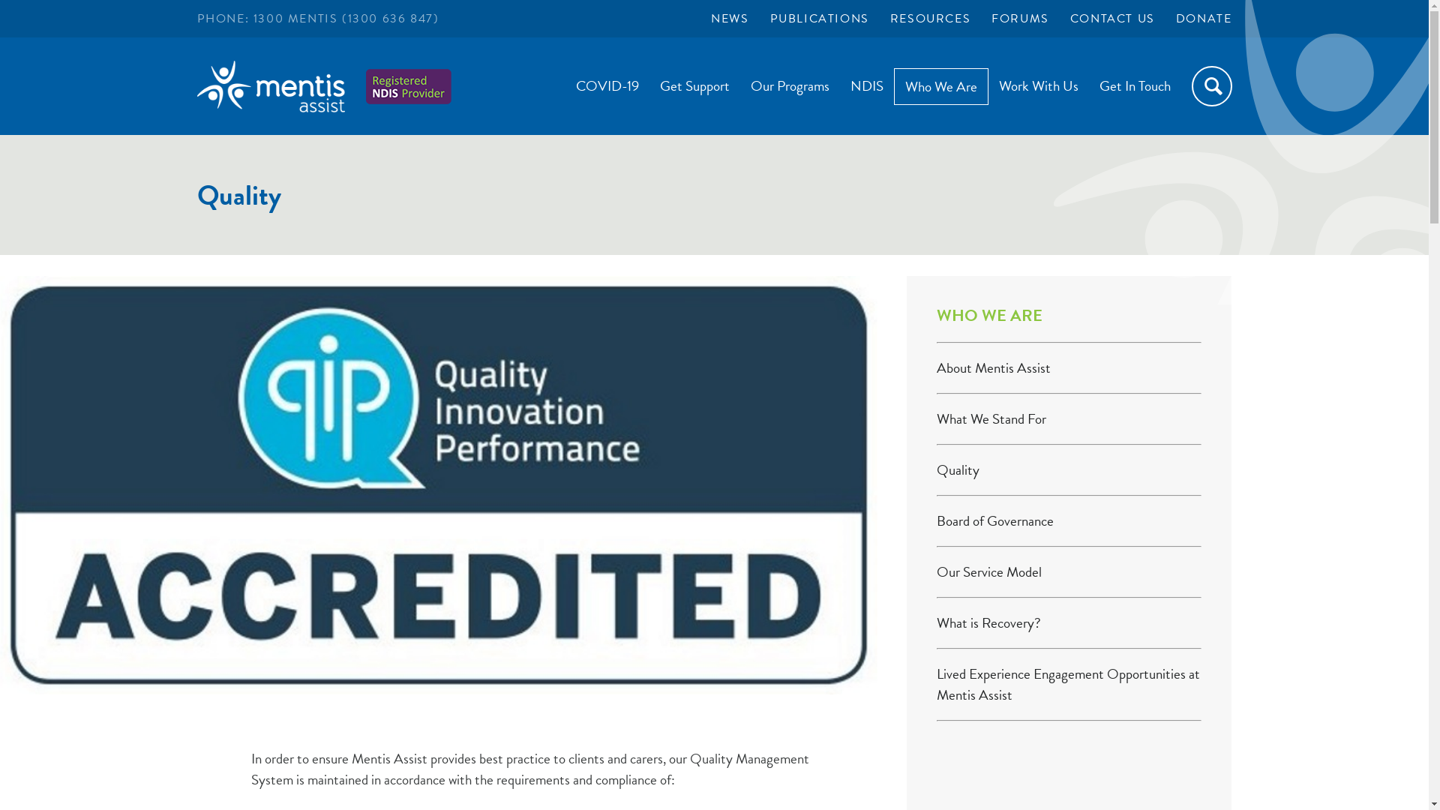 Image resolution: width=1440 pixels, height=810 pixels. Describe the element at coordinates (991, 418) in the screenshot. I see `'What We Stand For'` at that location.